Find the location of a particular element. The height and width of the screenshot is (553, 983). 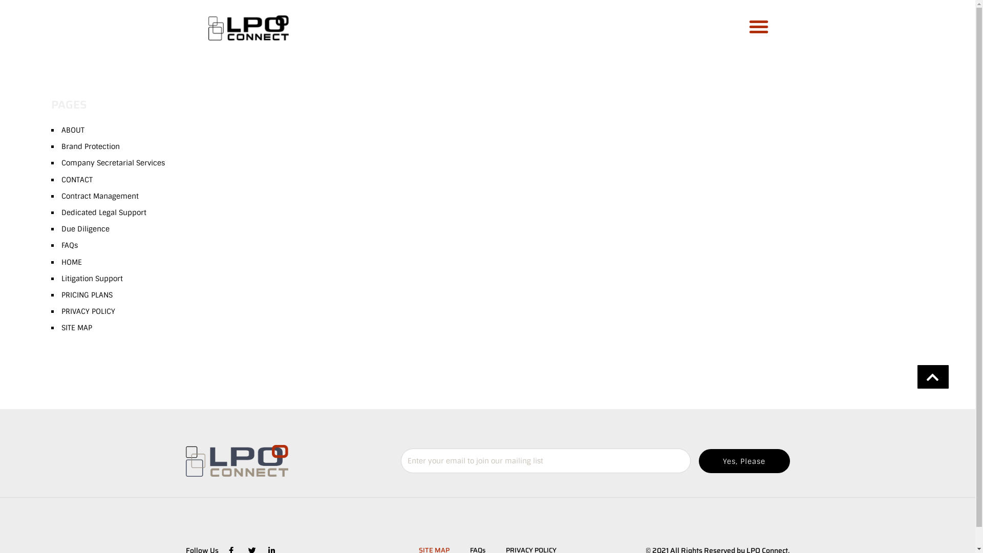

'CONTACT' is located at coordinates (61, 179).